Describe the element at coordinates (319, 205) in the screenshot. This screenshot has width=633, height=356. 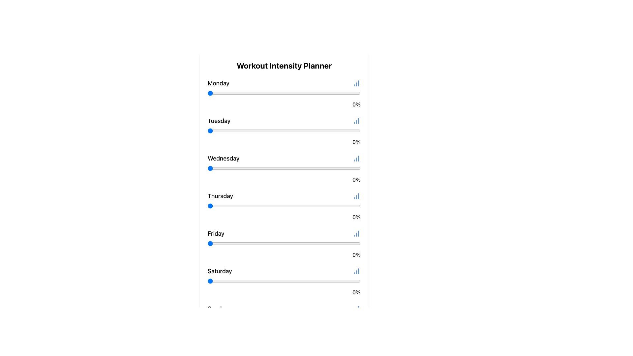
I see `the Thursday intensity` at that location.